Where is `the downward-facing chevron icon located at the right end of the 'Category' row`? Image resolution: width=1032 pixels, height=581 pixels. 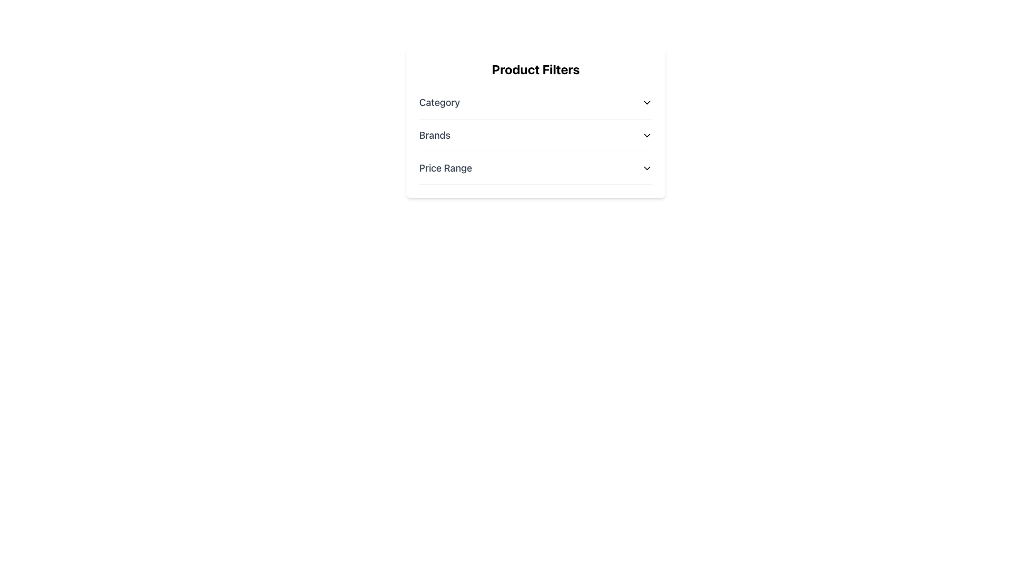 the downward-facing chevron icon located at the right end of the 'Category' row is located at coordinates (647, 103).